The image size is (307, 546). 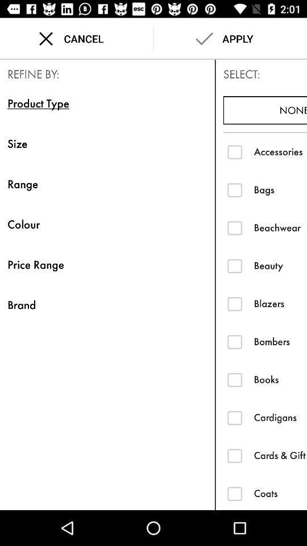 What do you see at coordinates (234, 417) in the screenshot?
I see `cordigans product` at bounding box center [234, 417].